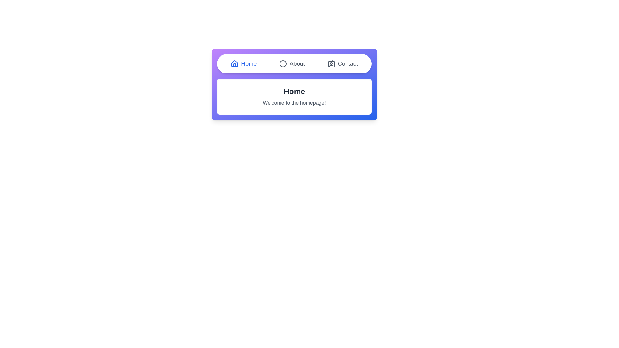 The height and width of the screenshot is (348, 619). Describe the element at coordinates (292, 63) in the screenshot. I see `the tab labeled About to see the hover effect` at that location.